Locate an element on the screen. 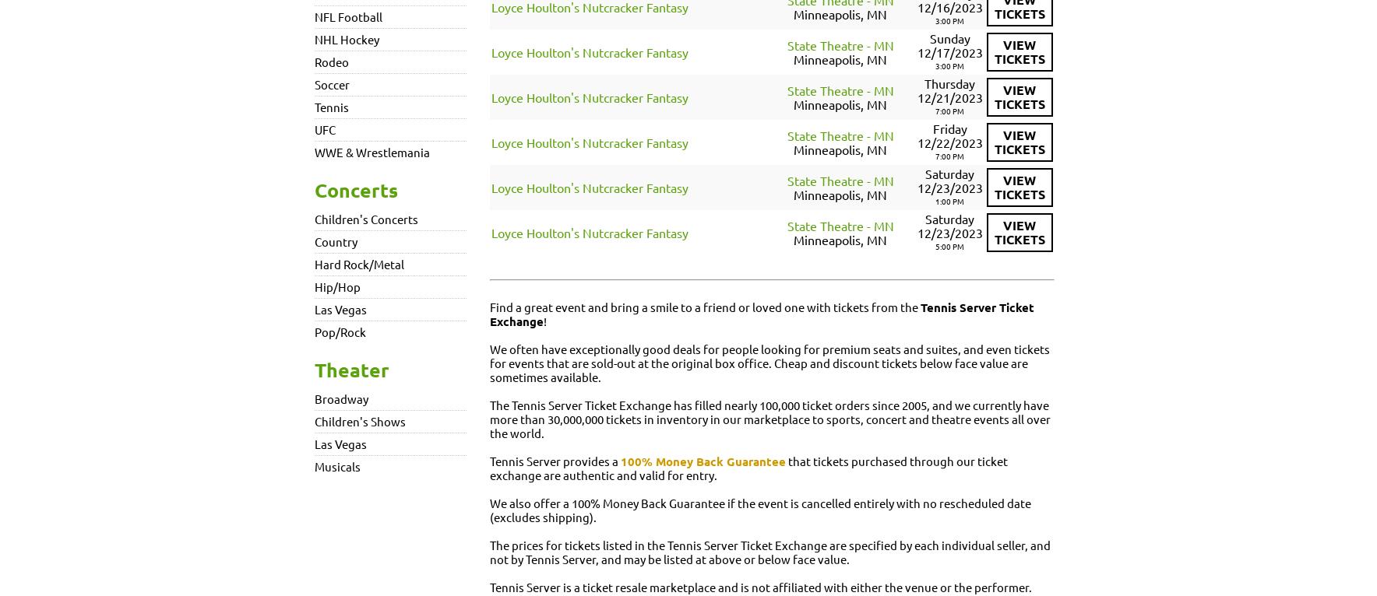 The image size is (1377, 596). 'Tennis Server Ticket Exchange' is located at coordinates (761, 313).